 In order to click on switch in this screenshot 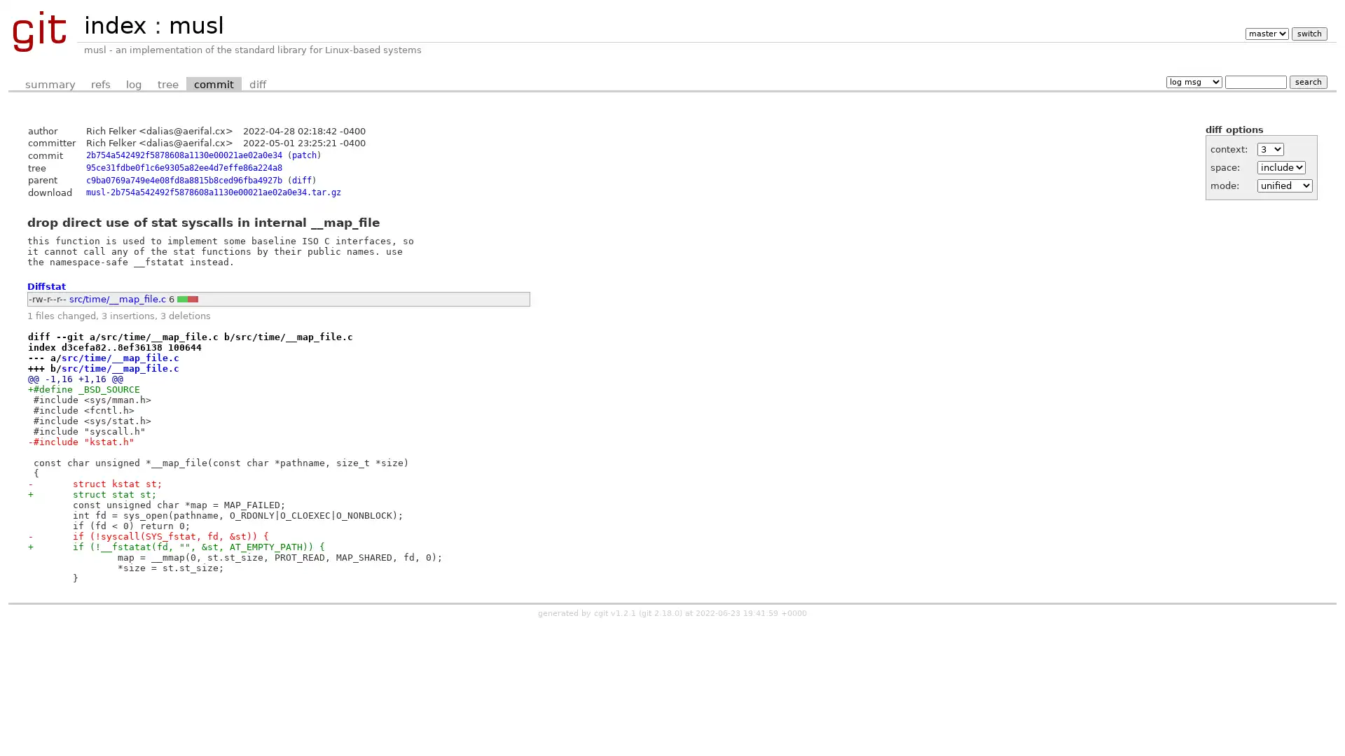, I will do `click(1308, 33)`.